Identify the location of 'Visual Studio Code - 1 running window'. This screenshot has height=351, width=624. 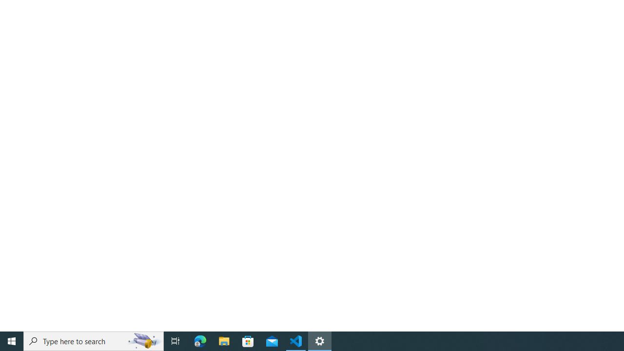
(295, 340).